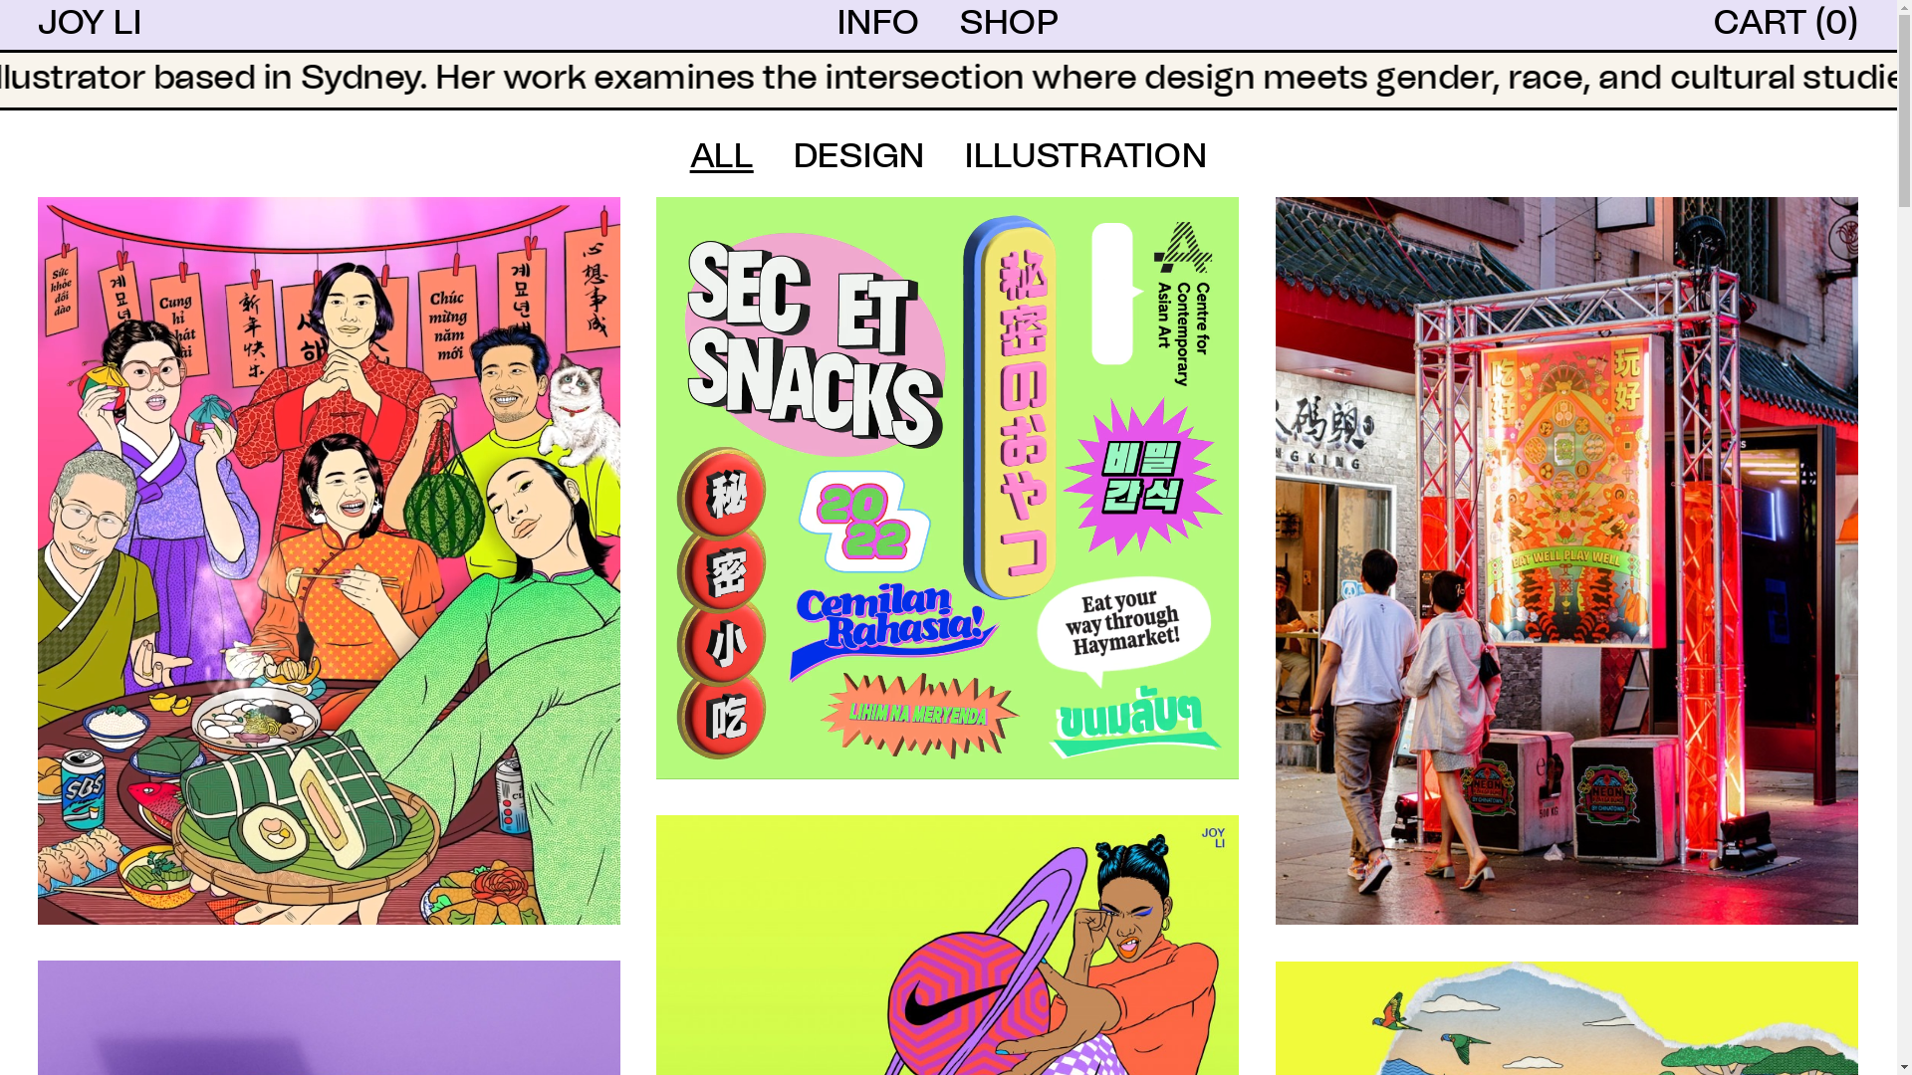 Image resolution: width=1912 pixels, height=1075 pixels. What do you see at coordinates (89, 23) in the screenshot?
I see `'JOY LI'` at bounding box center [89, 23].